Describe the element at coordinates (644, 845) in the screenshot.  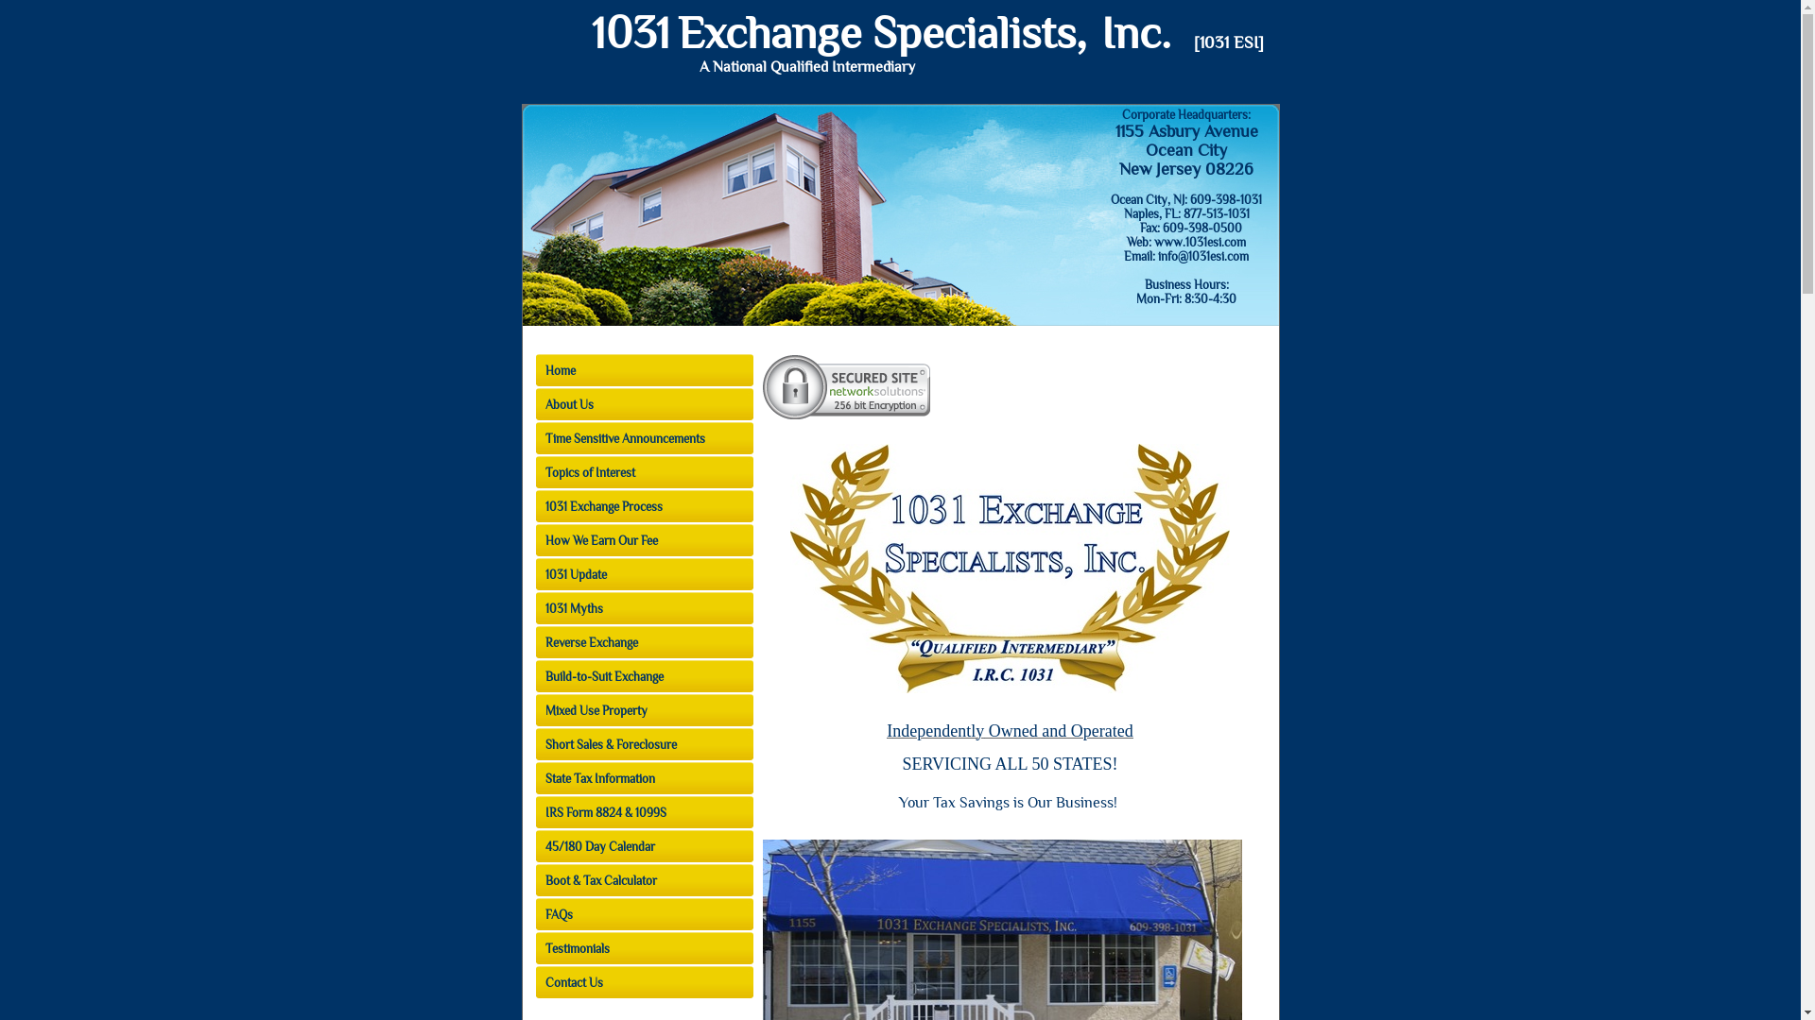
I see `'45/180 Day Calendar'` at that location.